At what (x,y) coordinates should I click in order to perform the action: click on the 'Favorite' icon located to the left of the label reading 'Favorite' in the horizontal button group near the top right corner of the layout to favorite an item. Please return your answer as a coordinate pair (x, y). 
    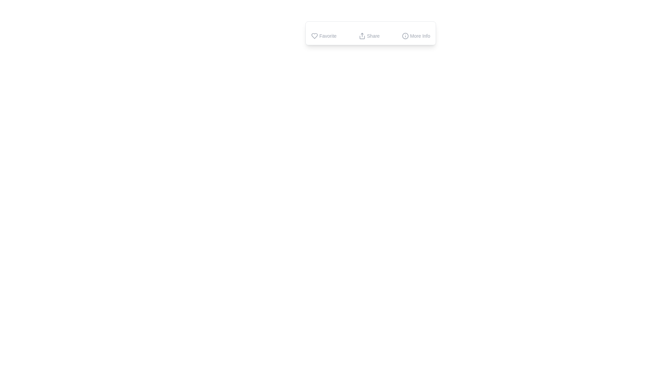
    Looking at the image, I should click on (314, 36).